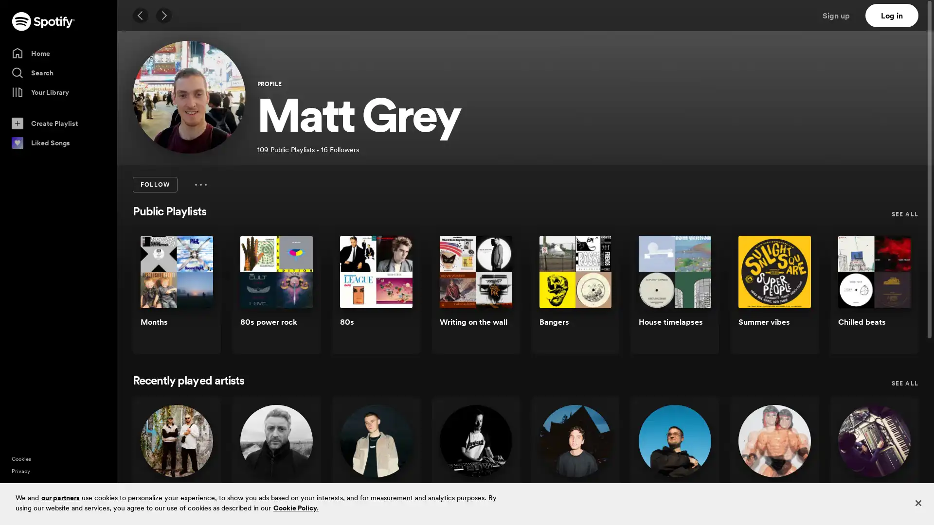  Describe the element at coordinates (595, 464) in the screenshot. I see `Play Aleksandir` at that location.